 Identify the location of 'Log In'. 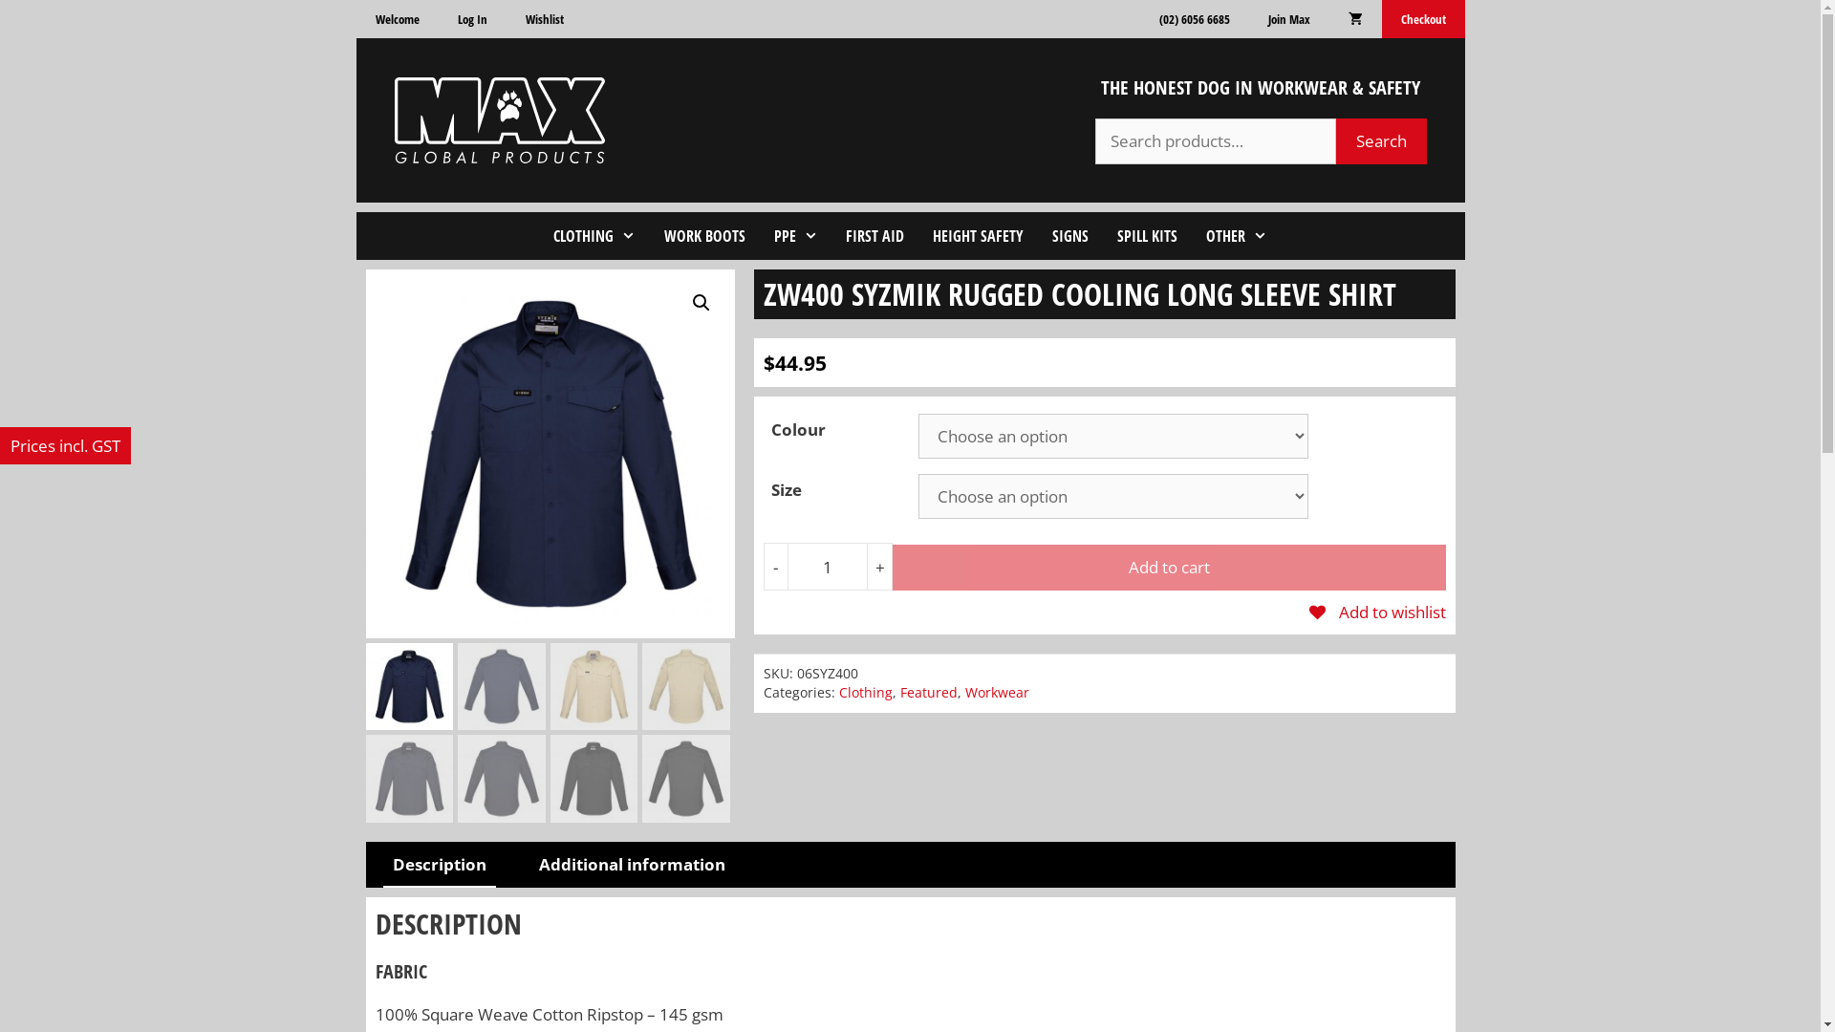
(471, 18).